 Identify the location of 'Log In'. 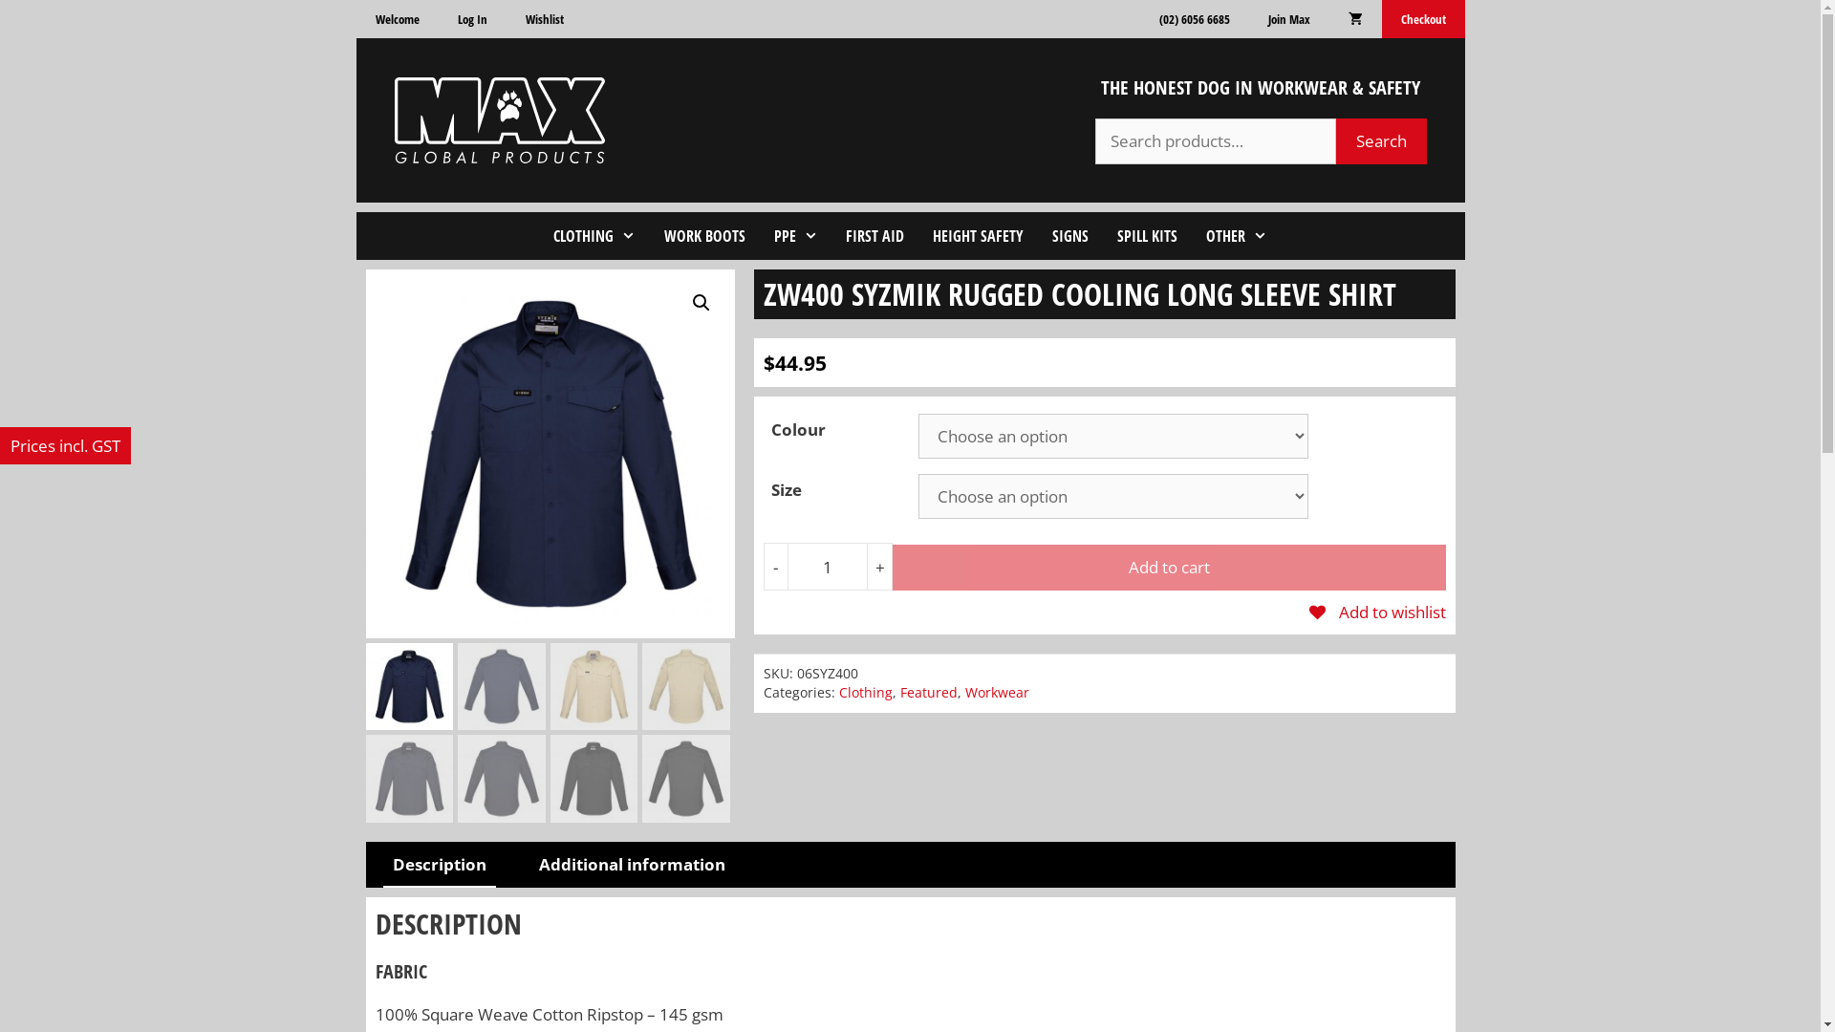
(471, 18).